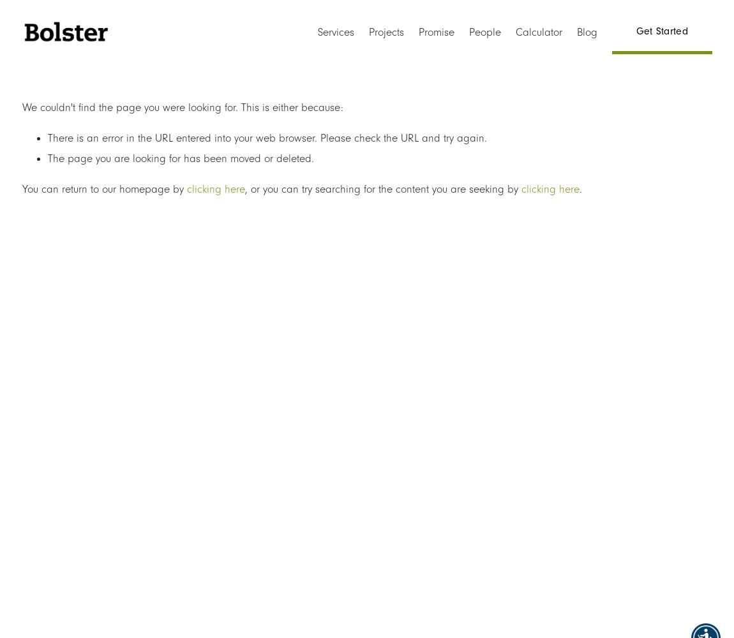  Describe the element at coordinates (181, 107) in the screenshot. I see `'We couldn't find the page you were looking for. This is either because:'` at that location.